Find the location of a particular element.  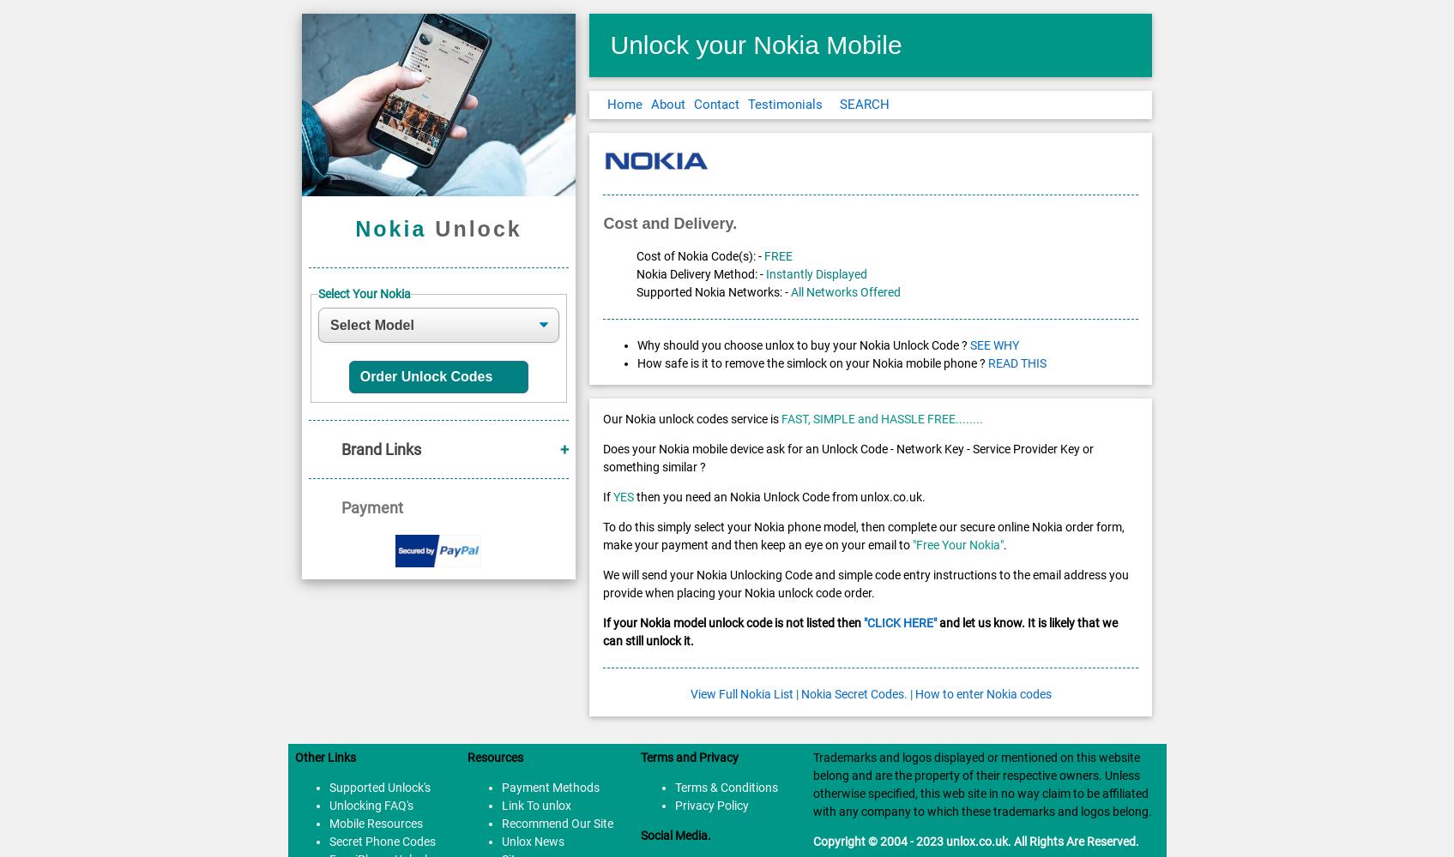

'If your Nokia model unlock code is not listed then' is located at coordinates (732, 622).